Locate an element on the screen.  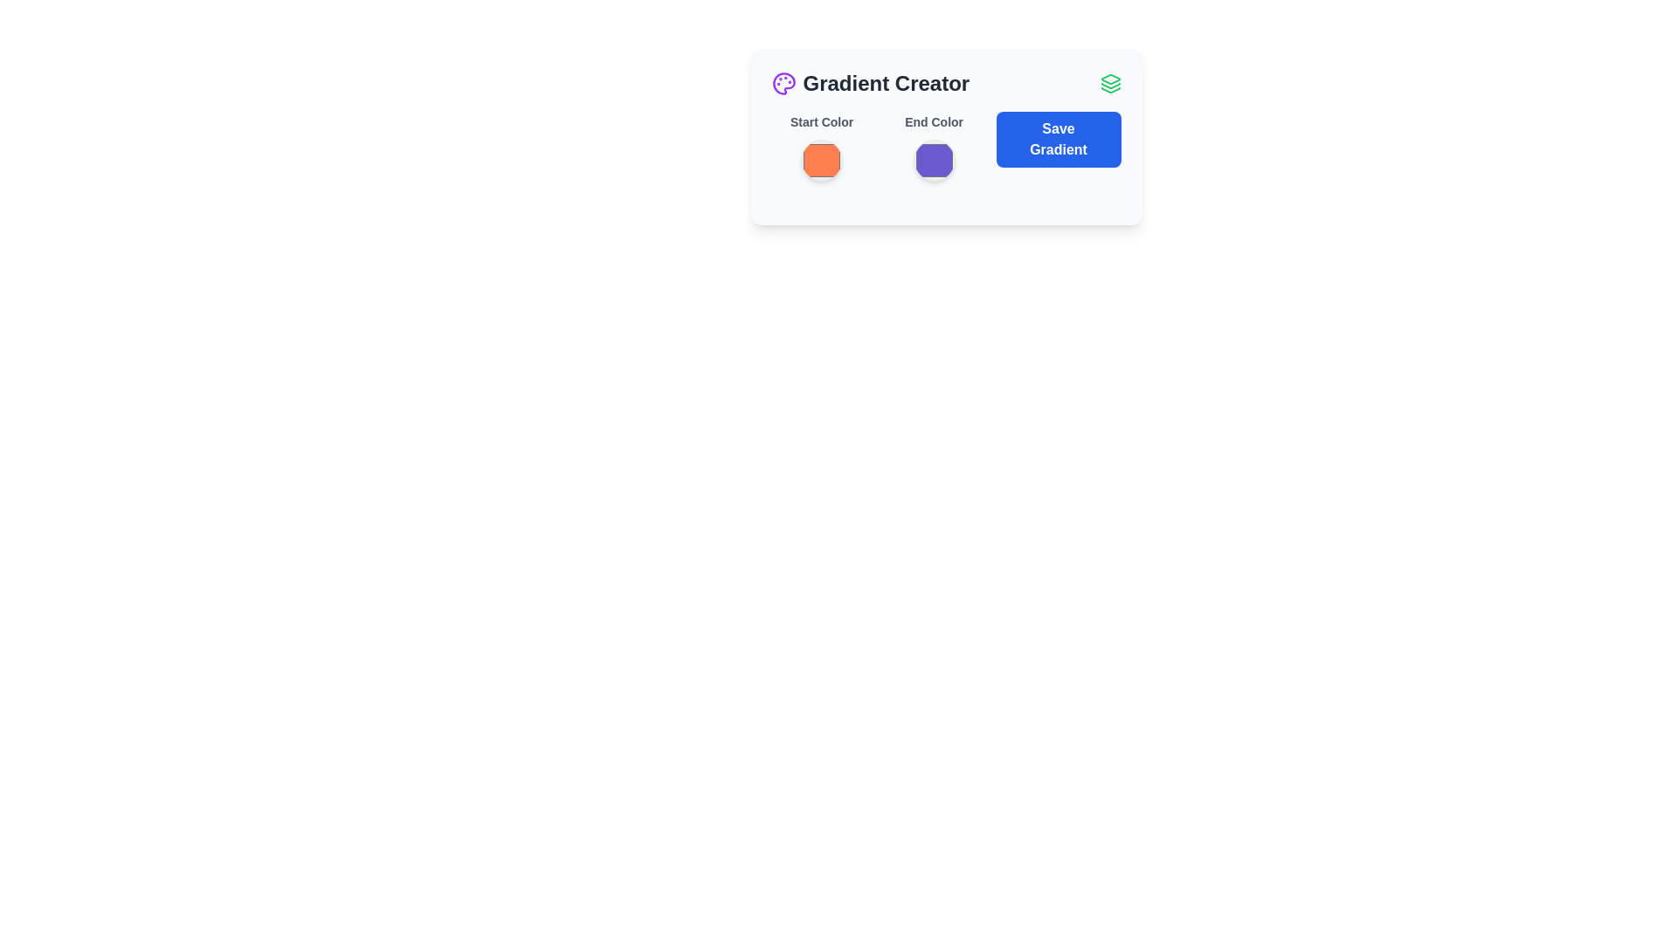
the purple paint palette icon located to the left of the text 'Gradient Creator' in the top-left corner of the group is located at coordinates (783, 84).